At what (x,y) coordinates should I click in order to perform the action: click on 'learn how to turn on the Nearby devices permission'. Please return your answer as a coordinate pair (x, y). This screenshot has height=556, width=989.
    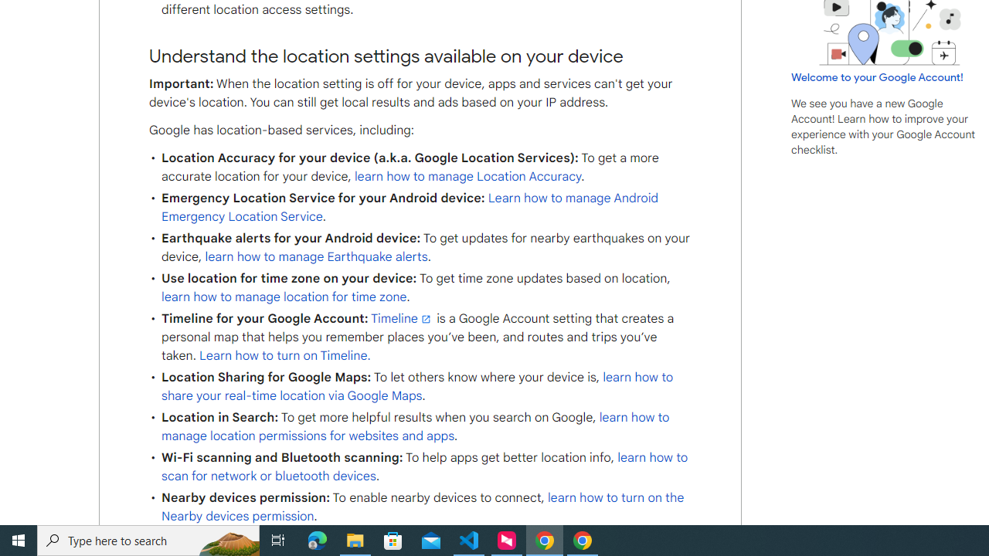
    Looking at the image, I should click on (423, 507).